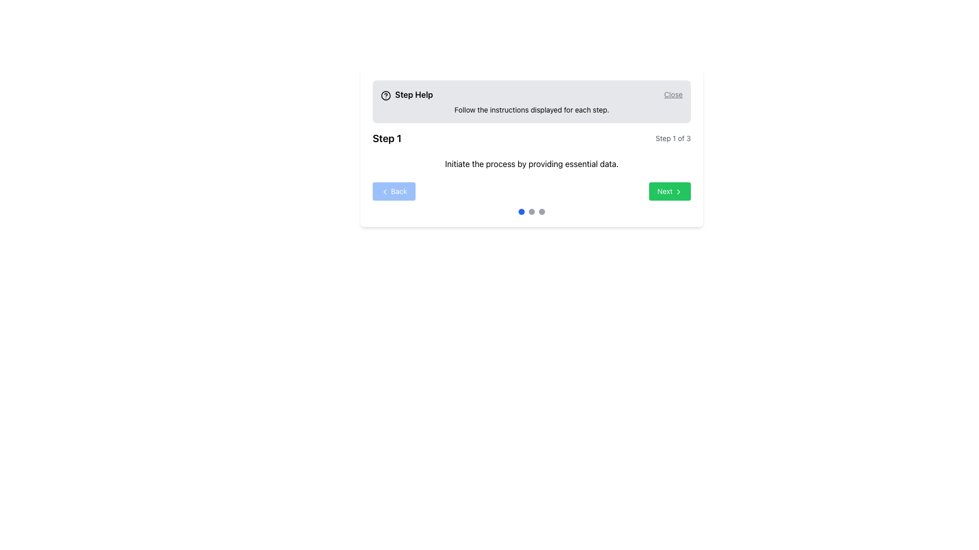 The height and width of the screenshot is (550, 979). What do you see at coordinates (414, 94) in the screenshot?
I see `text label 'Step Help' which is located in the top-left corner of the gray bar, to the right of the circular help icon` at bounding box center [414, 94].